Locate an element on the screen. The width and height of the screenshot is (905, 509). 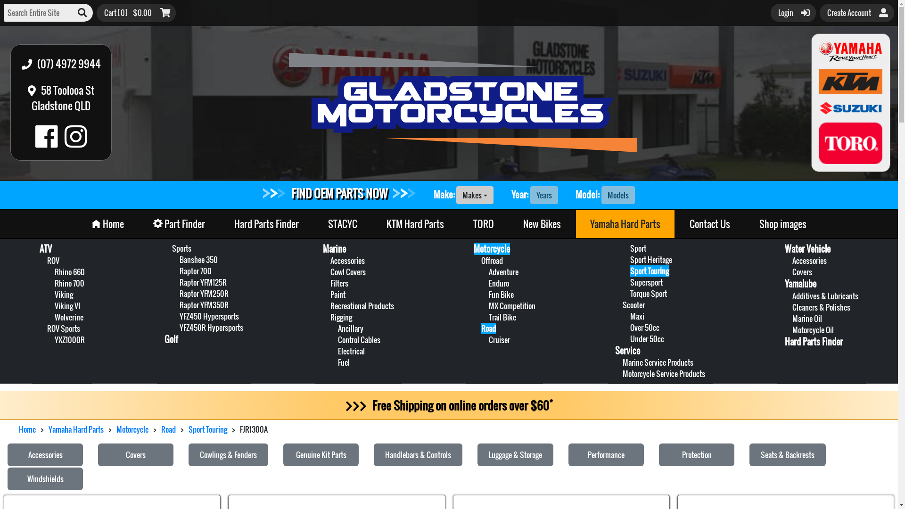
'Part Finder' is located at coordinates (179, 223).